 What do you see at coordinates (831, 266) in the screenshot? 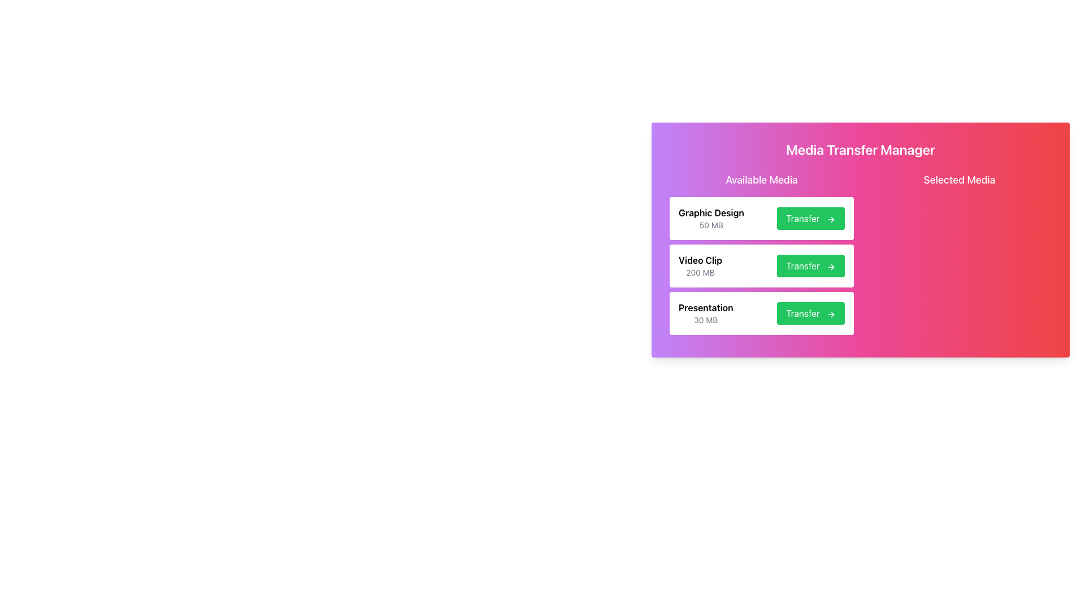
I see `the arrow icon located to the right of the 'Transfer' button in the second row of the 'Available Media' section to initiate a transfer action for 'Video Clip'` at bounding box center [831, 266].